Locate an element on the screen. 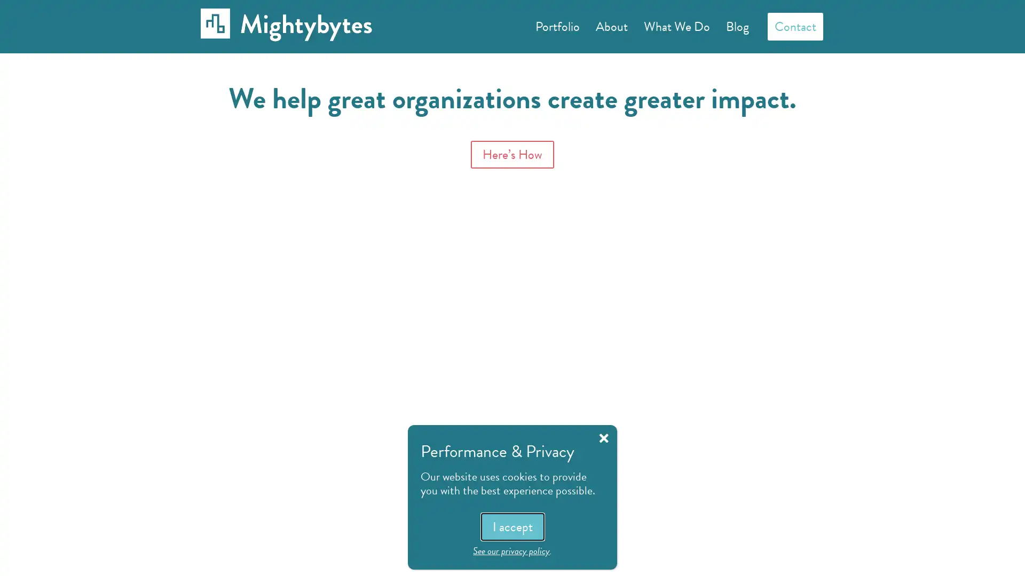  I accept is located at coordinates (511, 526).